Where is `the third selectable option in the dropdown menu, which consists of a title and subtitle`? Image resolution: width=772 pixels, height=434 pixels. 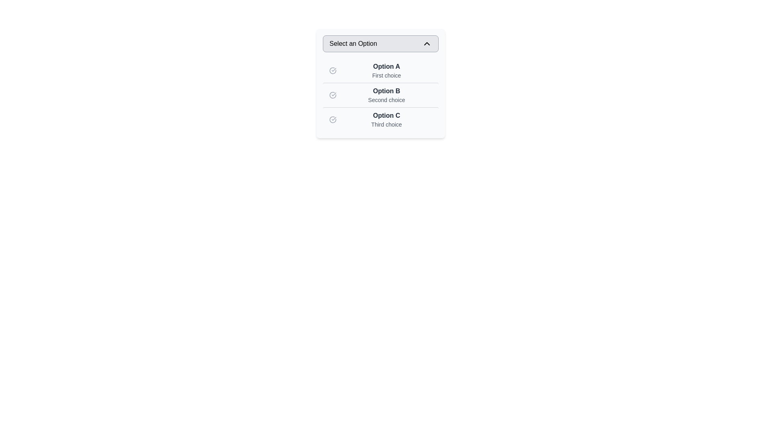
the third selectable option in the dropdown menu, which consists of a title and subtitle is located at coordinates (386, 119).